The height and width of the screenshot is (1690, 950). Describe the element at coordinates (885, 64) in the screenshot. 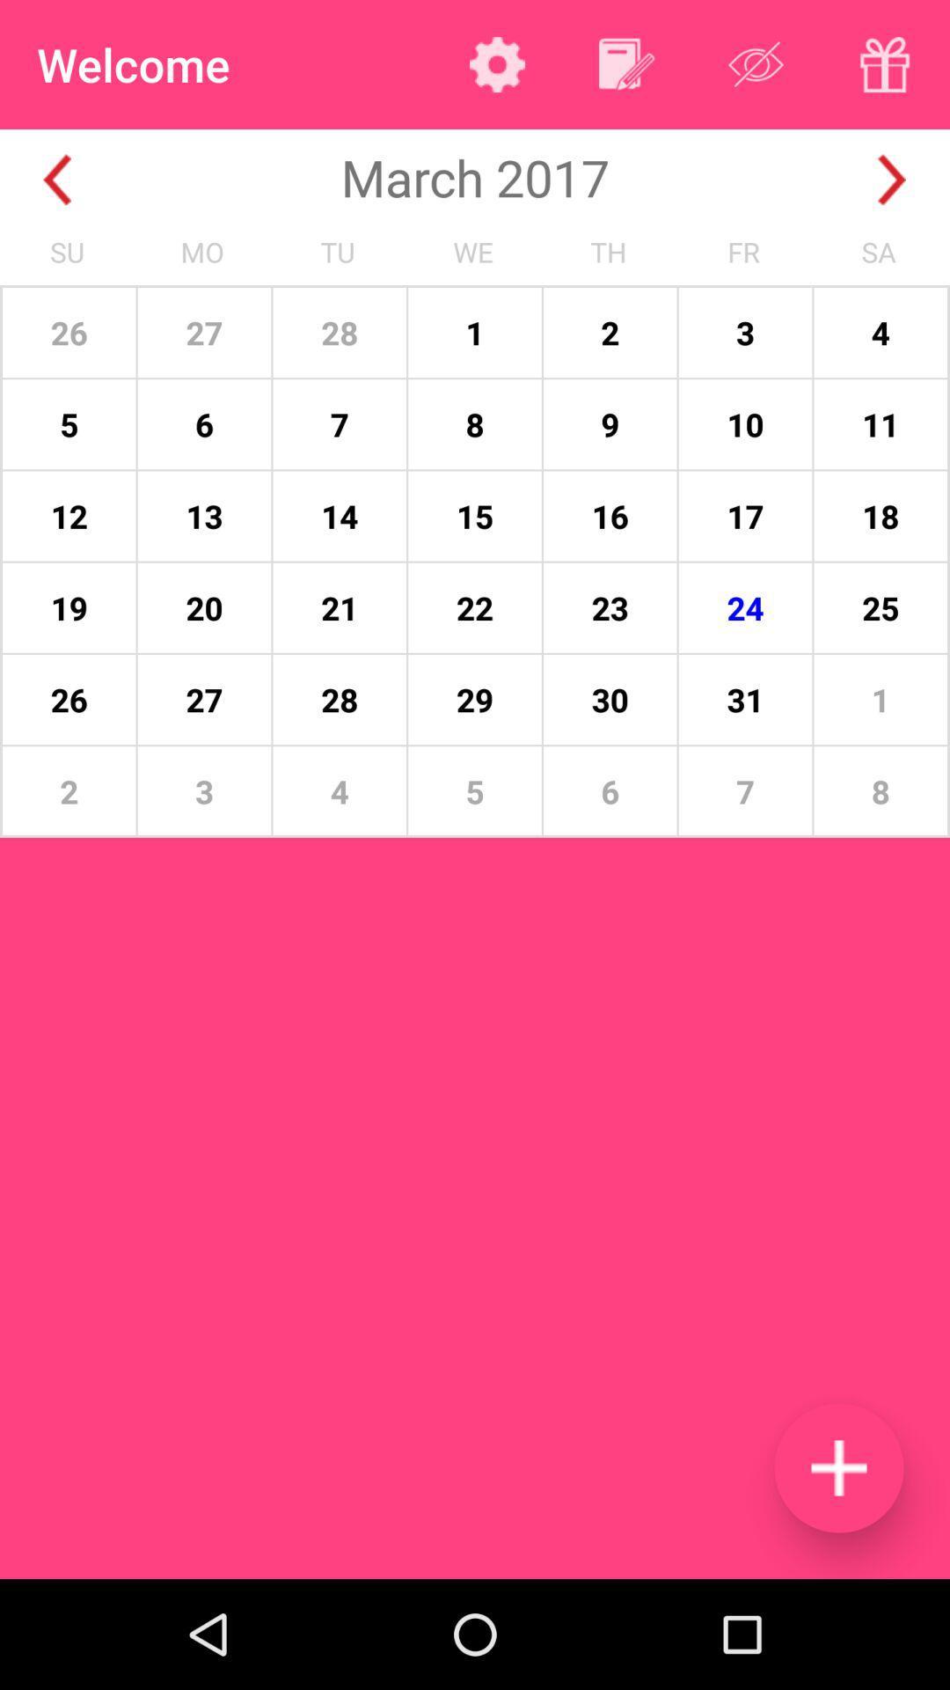

I see `my secret diary with password` at that location.